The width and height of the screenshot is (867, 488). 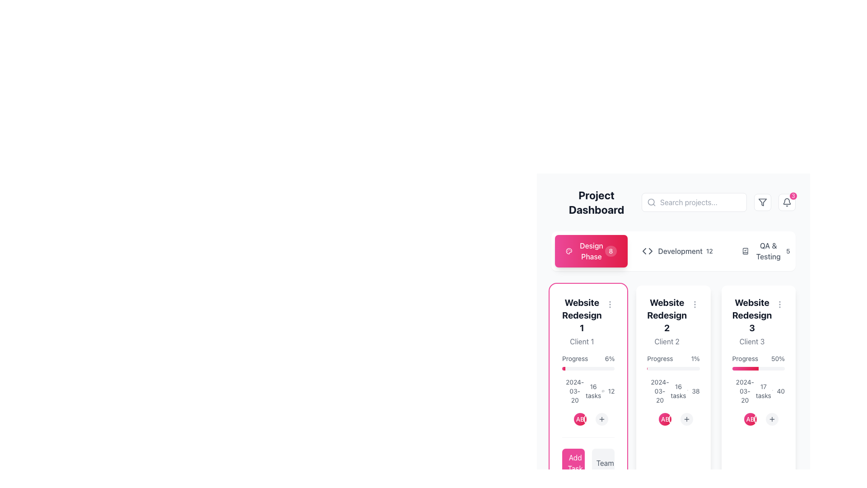 I want to click on the text block titled 'Website Redesign 1' and subheading 'Client 1' located in the upper left section of the dashboard under the 'Design Phase' section, so click(x=588, y=321).